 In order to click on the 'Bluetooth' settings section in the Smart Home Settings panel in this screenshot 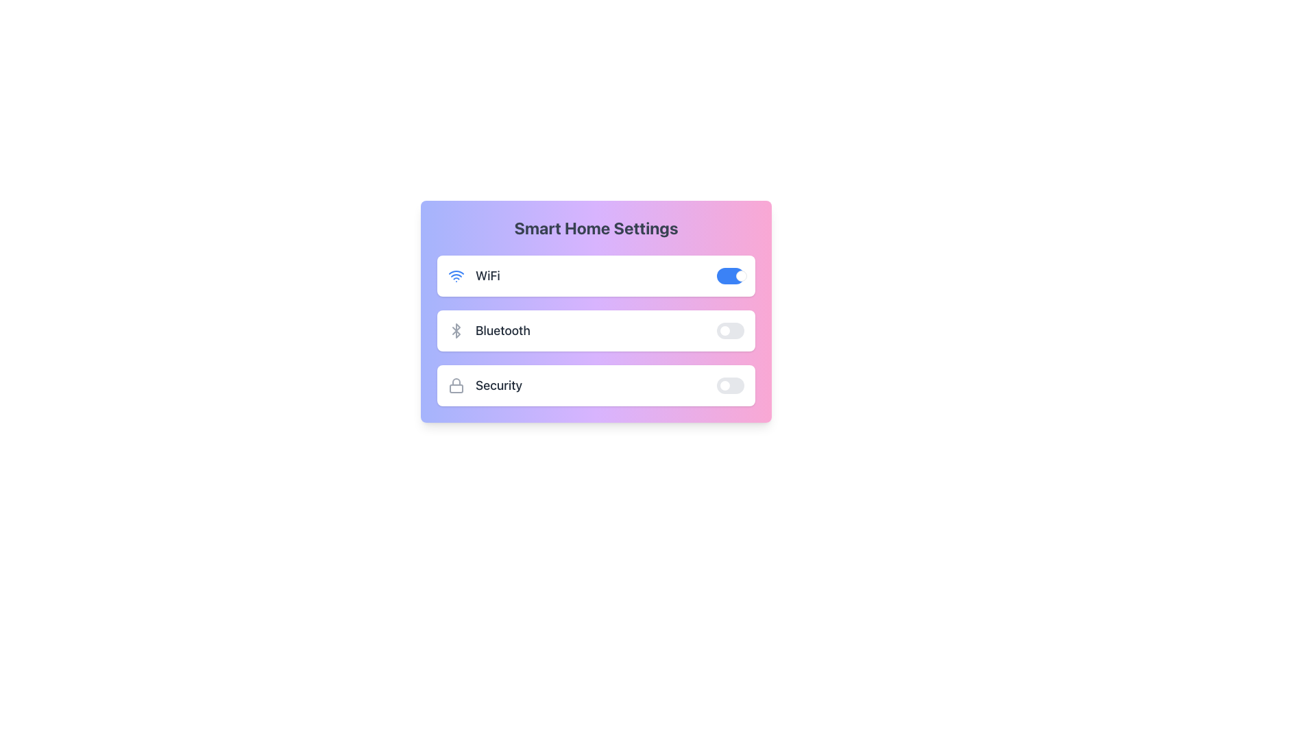, I will do `click(596, 330)`.